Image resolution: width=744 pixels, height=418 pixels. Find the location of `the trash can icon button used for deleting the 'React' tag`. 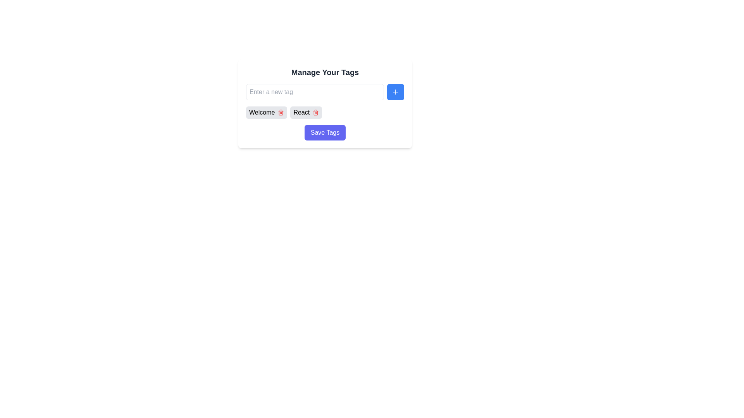

the trash can icon button used for deleting the 'React' tag is located at coordinates (316, 112).